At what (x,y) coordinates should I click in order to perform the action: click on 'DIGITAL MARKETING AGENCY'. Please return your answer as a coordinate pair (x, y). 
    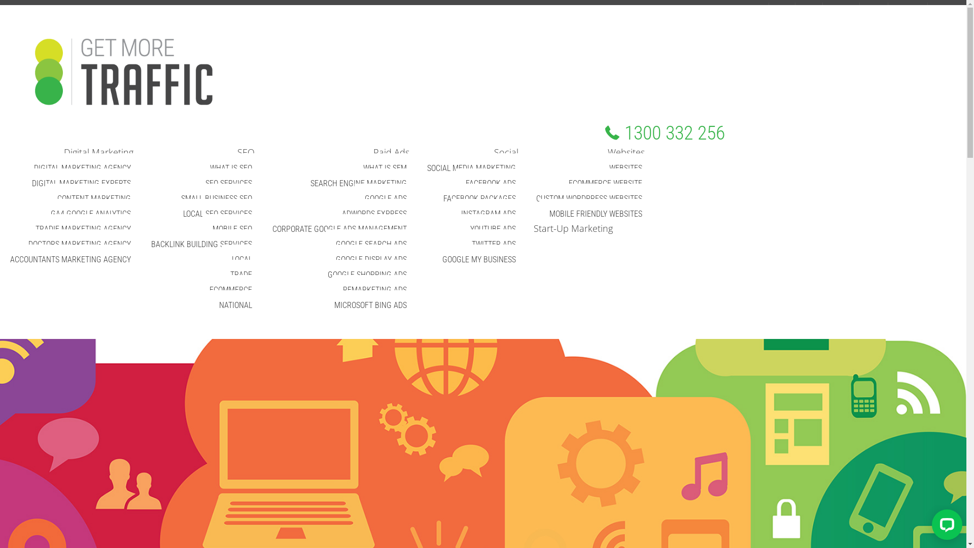
    Looking at the image, I should click on (82, 167).